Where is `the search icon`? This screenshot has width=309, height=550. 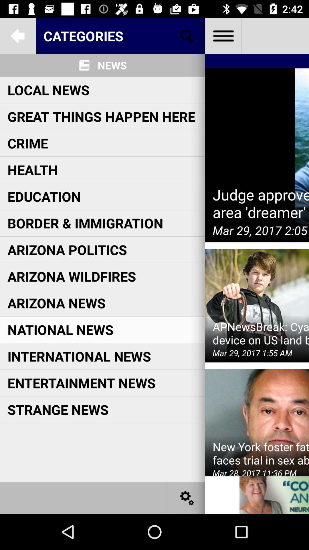 the search icon is located at coordinates (187, 36).